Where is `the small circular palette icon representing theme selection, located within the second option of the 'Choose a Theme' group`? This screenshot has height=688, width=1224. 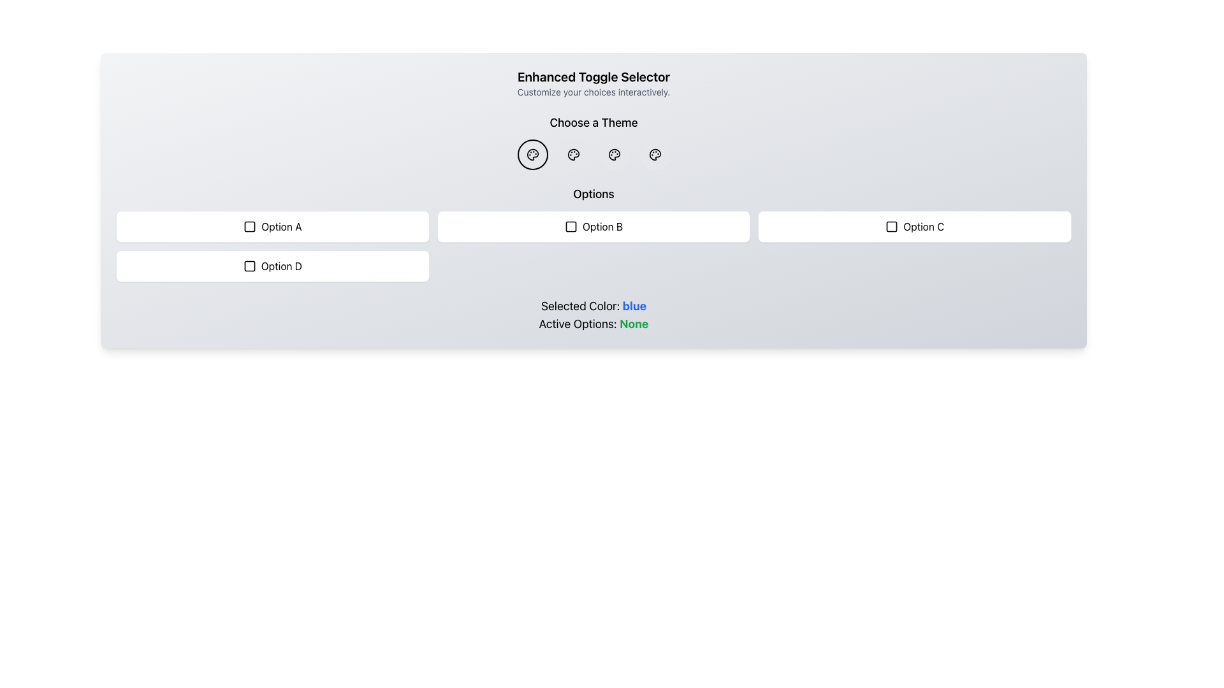 the small circular palette icon representing theme selection, located within the second option of the 'Choose a Theme' group is located at coordinates (614, 154).